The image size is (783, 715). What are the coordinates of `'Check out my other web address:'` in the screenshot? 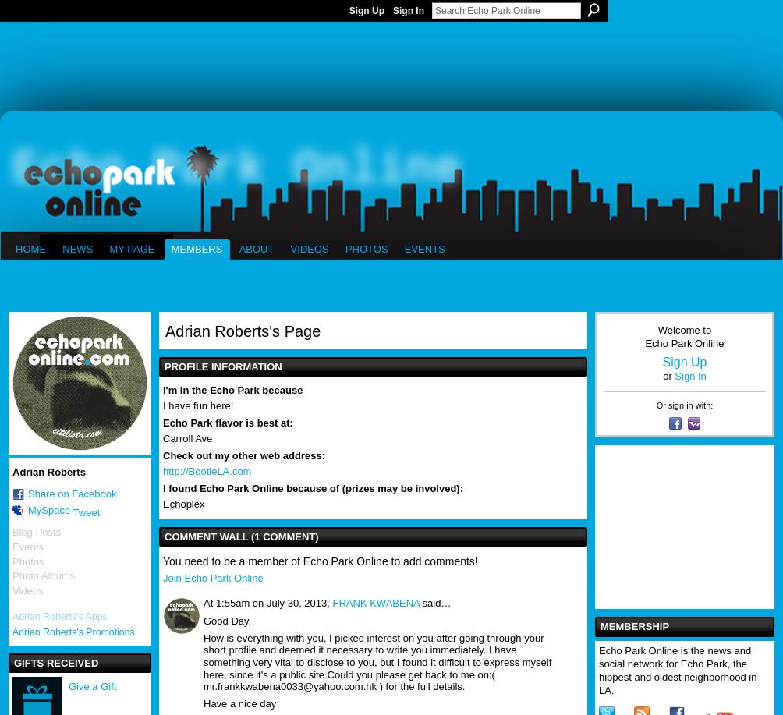 It's located at (162, 455).